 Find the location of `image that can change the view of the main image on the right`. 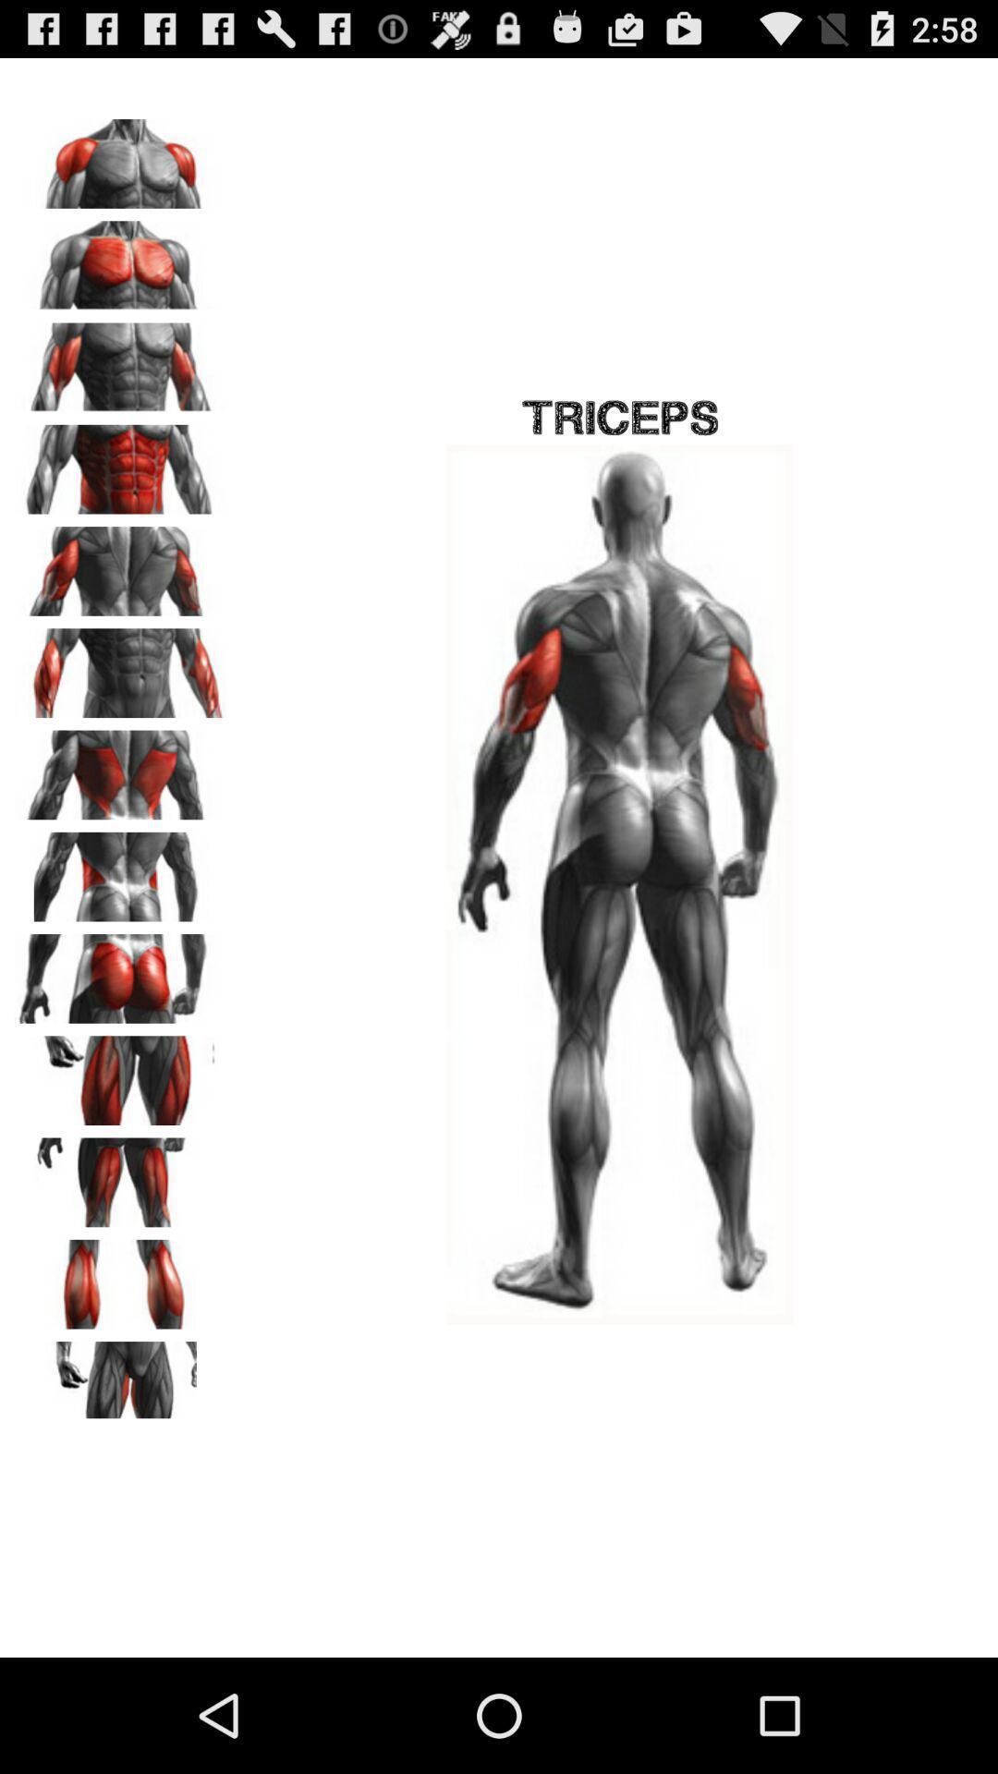

image that can change the view of the main image on the right is located at coordinates (121, 463).